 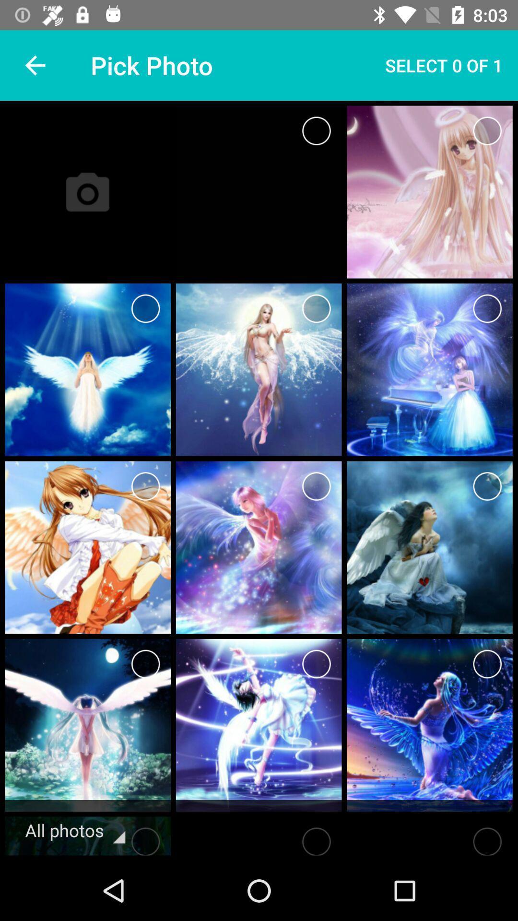 I want to click on check picture, so click(x=145, y=663).